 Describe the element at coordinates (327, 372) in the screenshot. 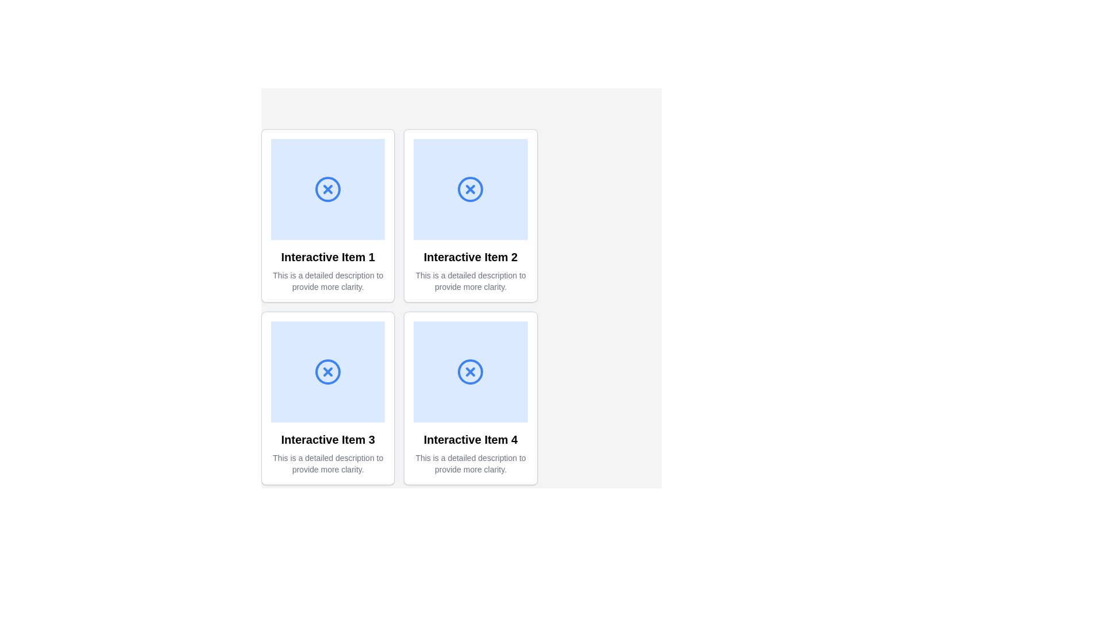

I see `the Vector graphic close icon, which is a blue cross inside a circle on a light blue square panel in the bottom-left corner of the interface` at that location.